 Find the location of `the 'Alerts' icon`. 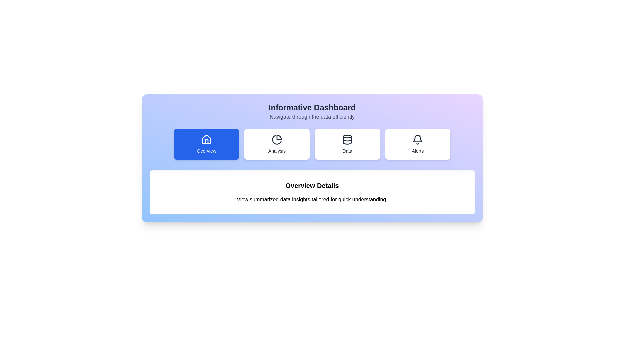

the 'Alerts' icon is located at coordinates (417, 138).